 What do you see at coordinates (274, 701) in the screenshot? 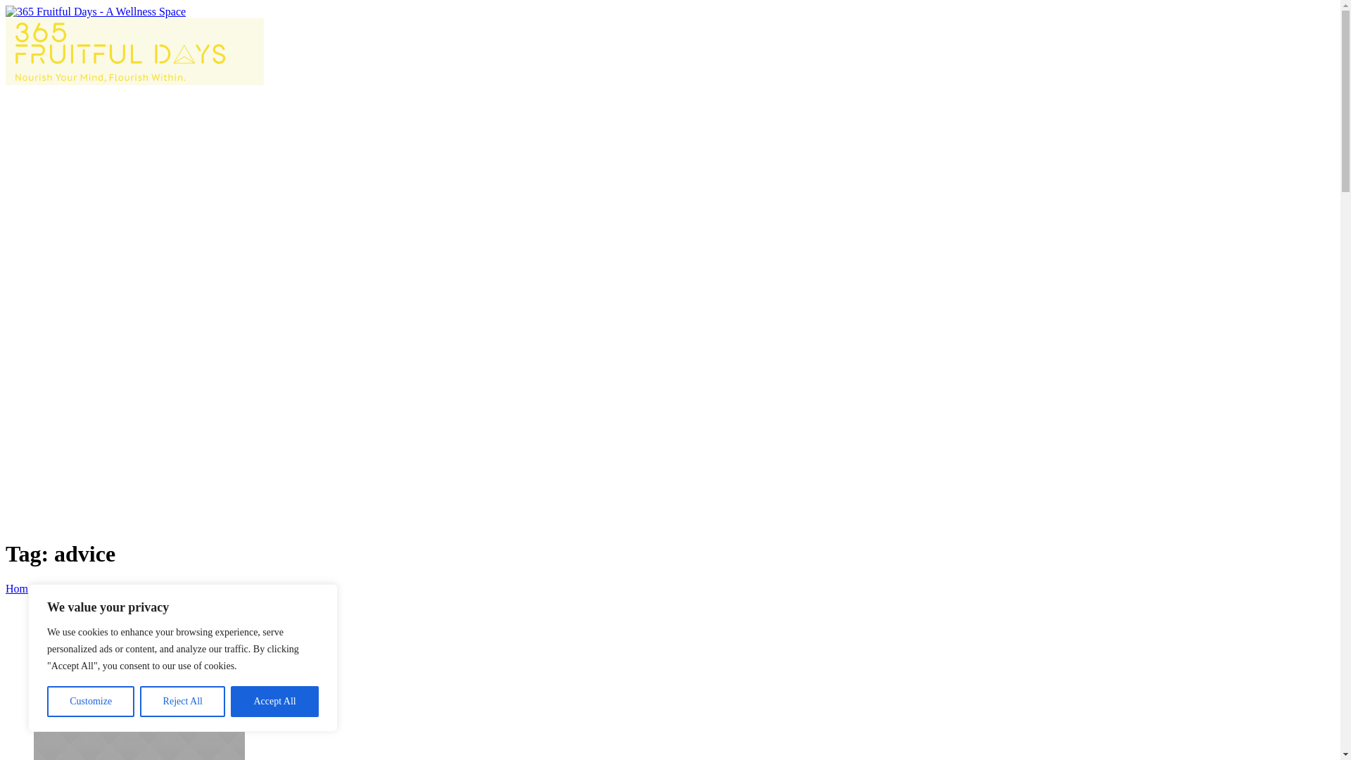
I see `'Accept All'` at bounding box center [274, 701].